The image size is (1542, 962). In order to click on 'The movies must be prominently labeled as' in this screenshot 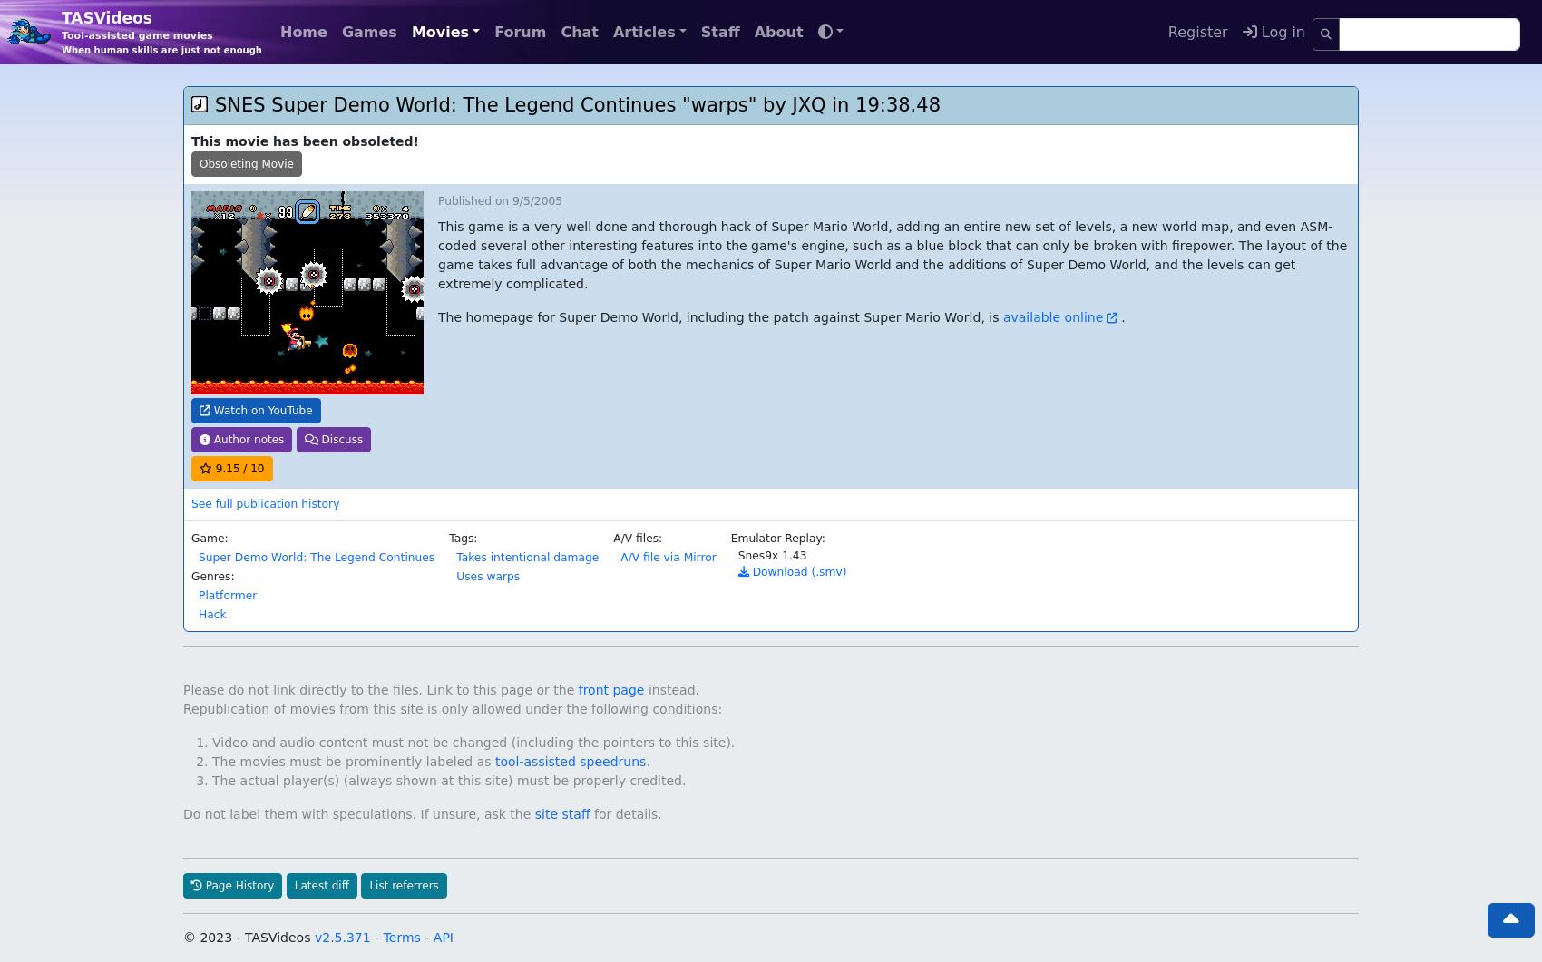, I will do `click(352, 723)`.